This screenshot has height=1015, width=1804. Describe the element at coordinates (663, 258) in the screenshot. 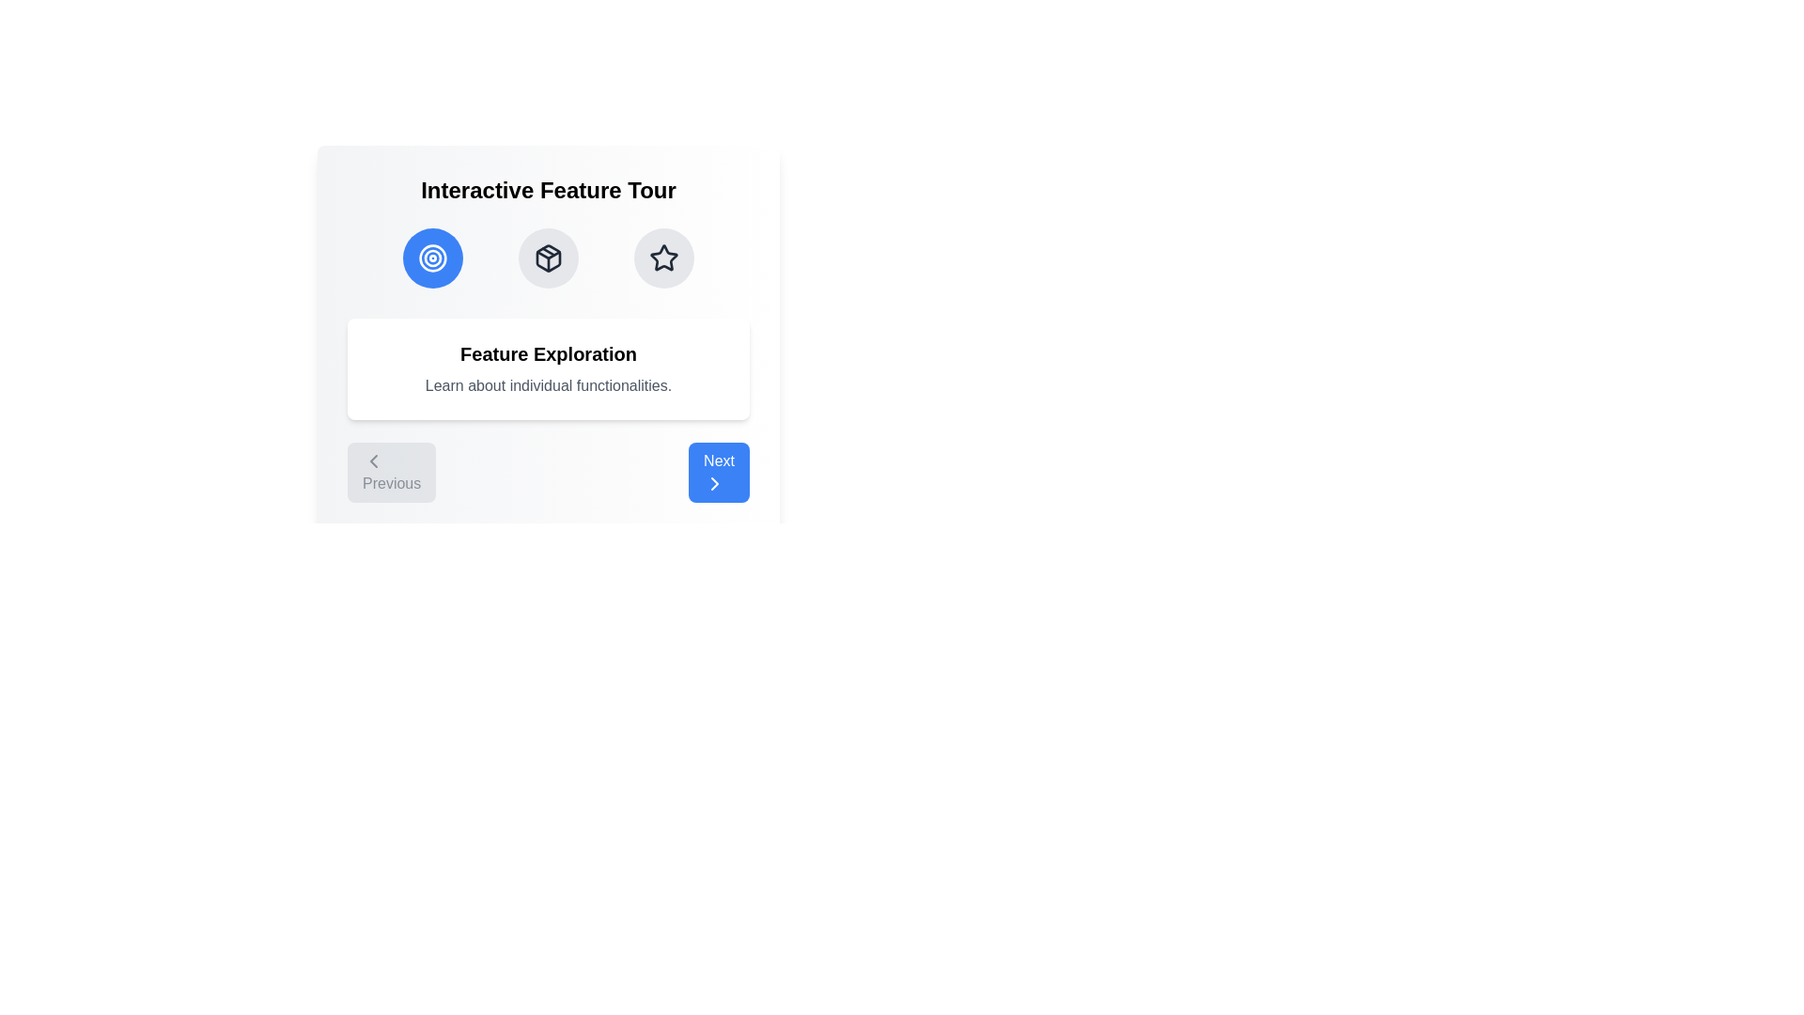

I see `the third circular button in the row using keyboard navigation to focus on it` at that location.